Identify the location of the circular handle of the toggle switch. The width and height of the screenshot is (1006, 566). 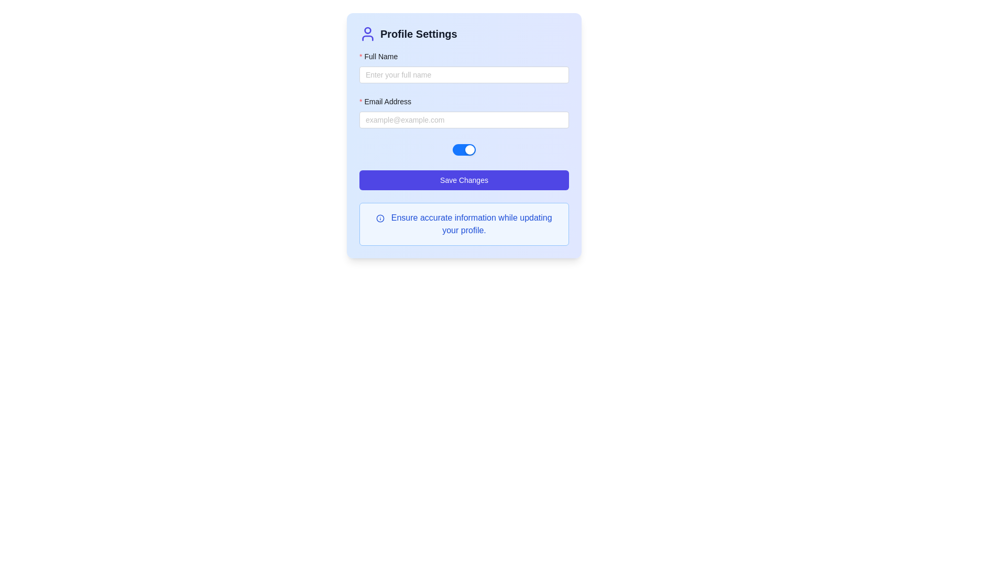
(469, 149).